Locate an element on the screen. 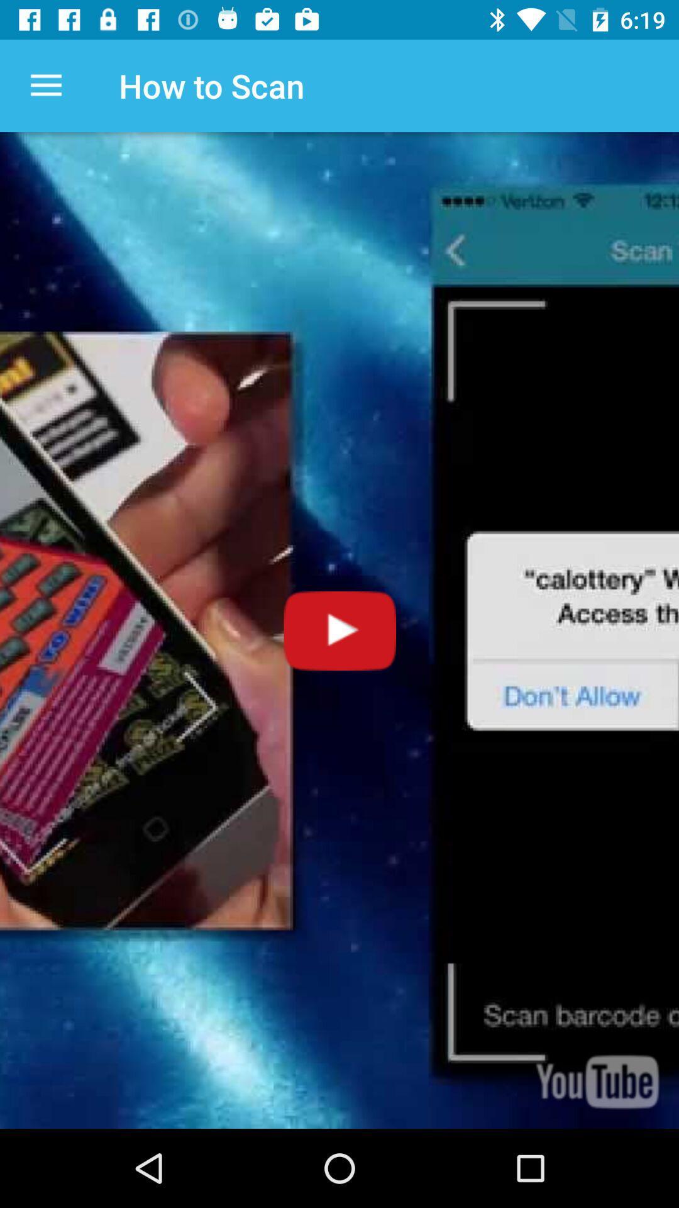  video is located at coordinates (339, 630).